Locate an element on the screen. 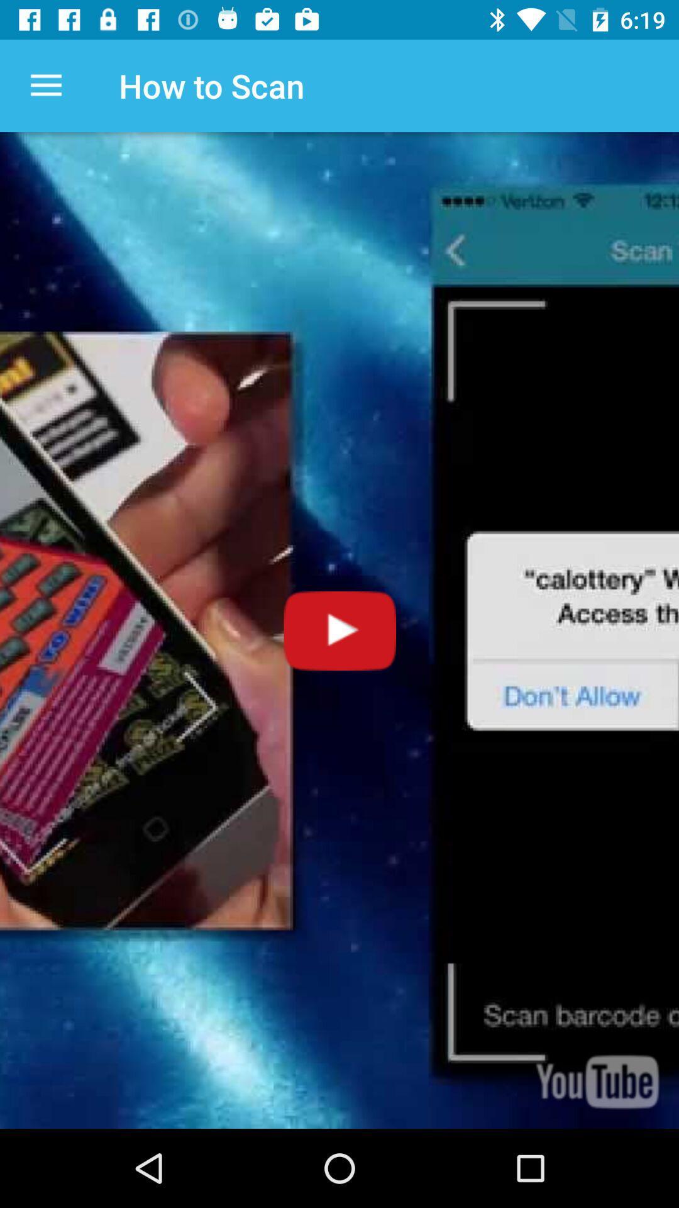  video is located at coordinates (339, 630).